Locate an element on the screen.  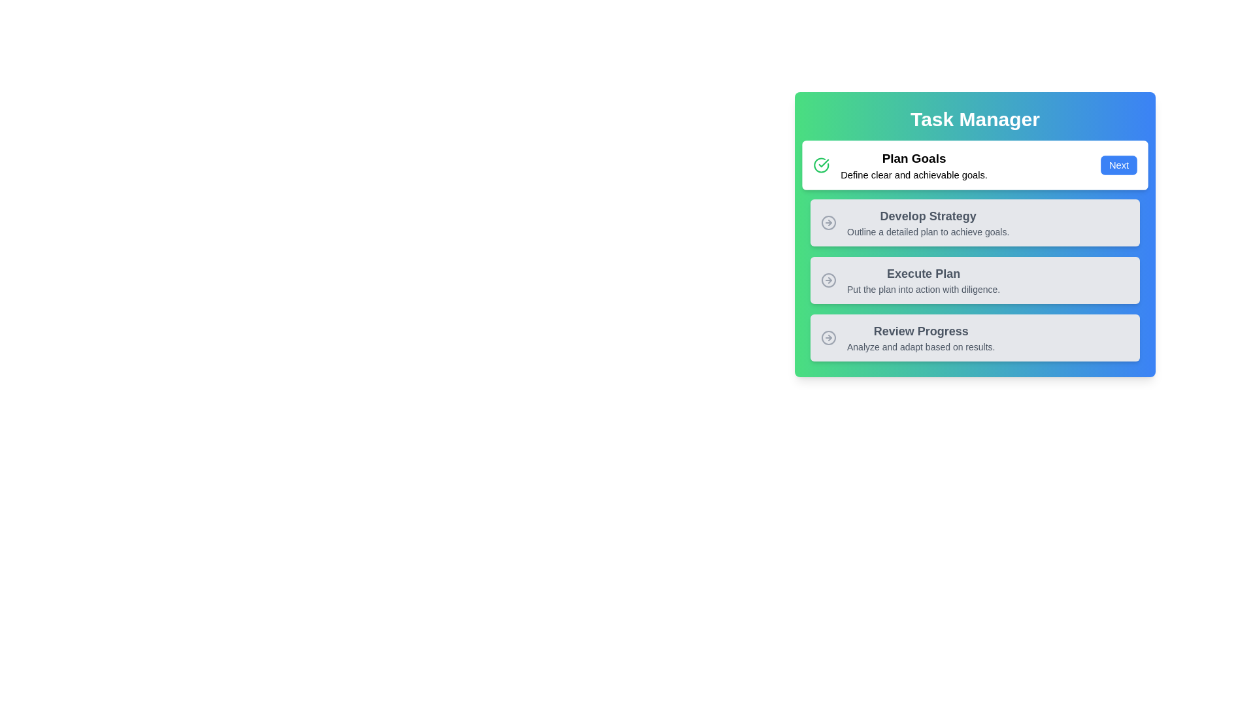
the decorative circle element of the minimalist arrow icon located to the left of the 'Execute Plan' item in the task manager panel is located at coordinates (828, 279).